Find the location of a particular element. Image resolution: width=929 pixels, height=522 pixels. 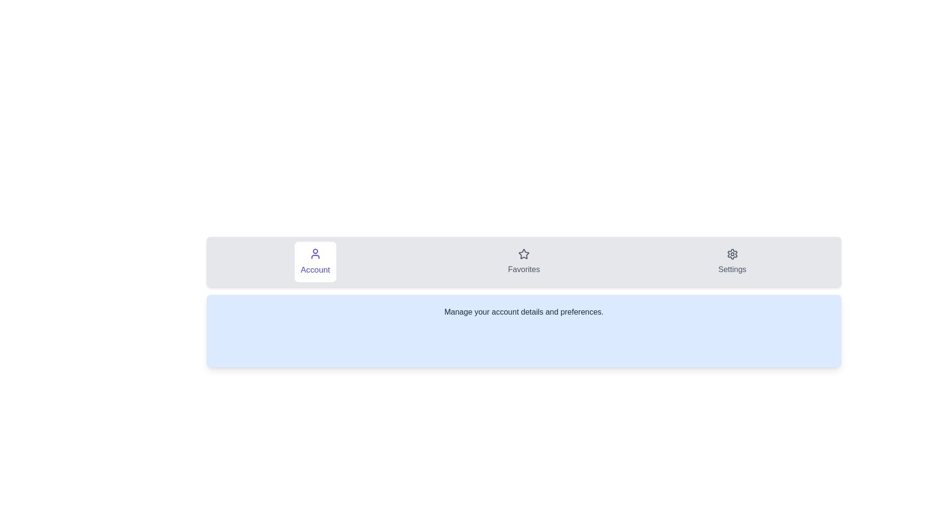

the Favorites tab by clicking on its button is located at coordinates (524, 262).